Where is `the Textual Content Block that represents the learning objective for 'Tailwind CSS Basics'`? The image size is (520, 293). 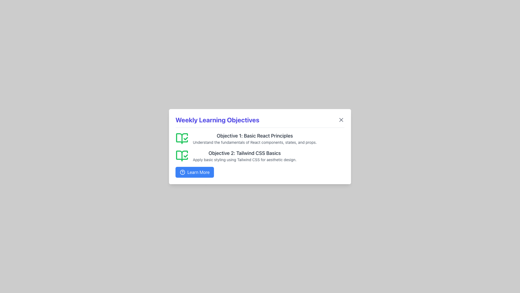 the Textual Content Block that represents the learning objective for 'Tailwind CSS Basics' is located at coordinates (244, 156).